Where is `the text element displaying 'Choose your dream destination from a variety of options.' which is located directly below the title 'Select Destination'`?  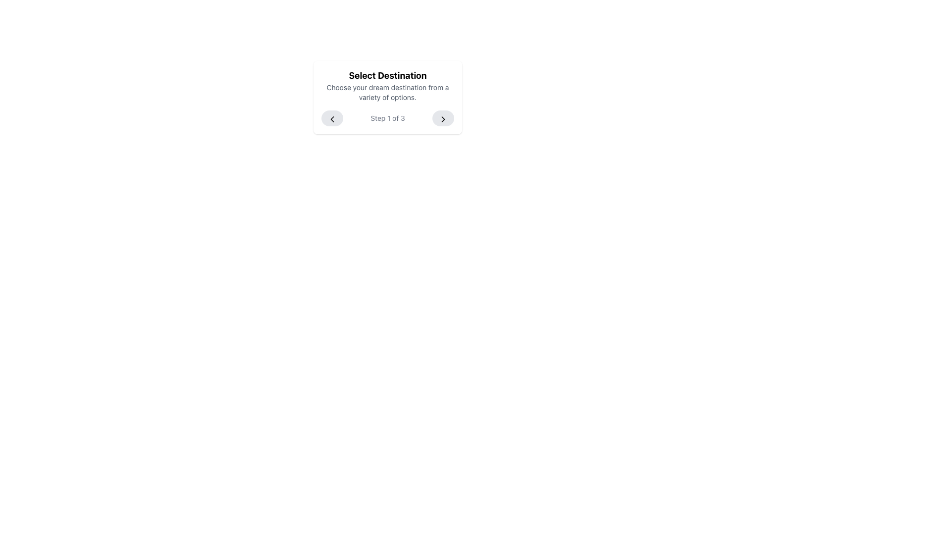 the text element displaying 'Choose your dream destination from a variety of options.' which is located directly below the title 'Select Destination' is located at coordinates (387, 92).